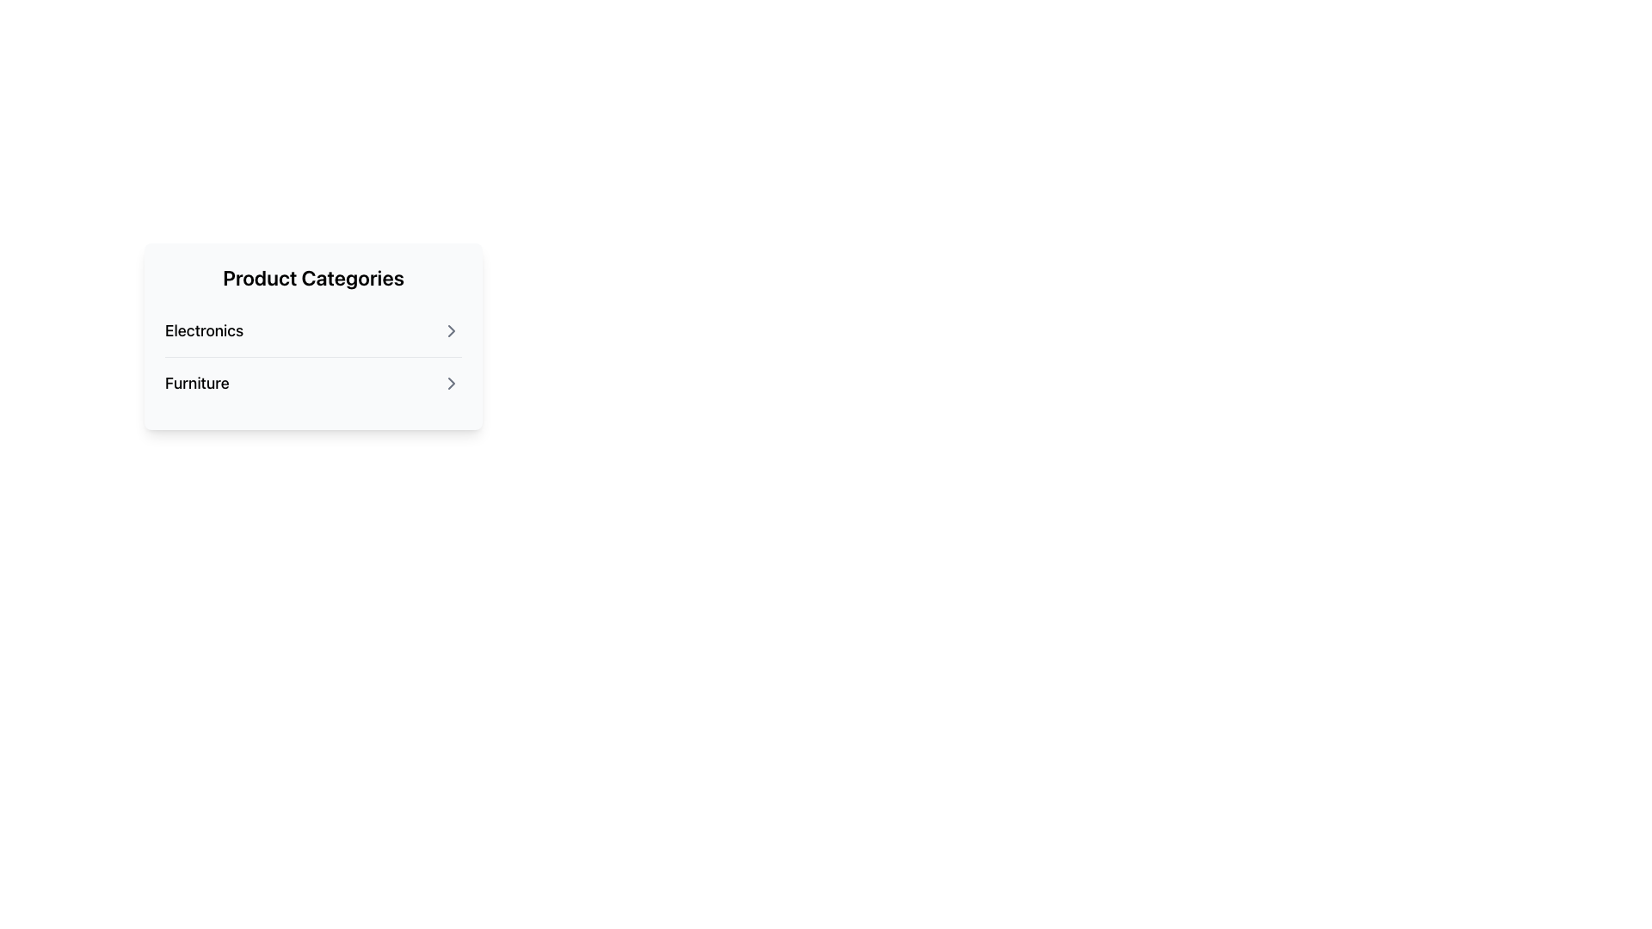 The image size is (1652, 929). What do you see at coordinates (313, 371) in the screenshot?
I see `the second list item in the modal under 'Product Categories'` at bounding box center [313, 371].